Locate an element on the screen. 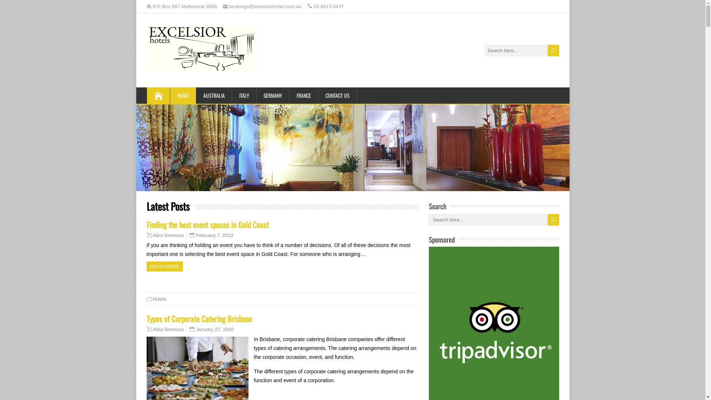 This screenshot has height=400, width=711. 'February 7, 2022' is located at coordinates (214, 235).